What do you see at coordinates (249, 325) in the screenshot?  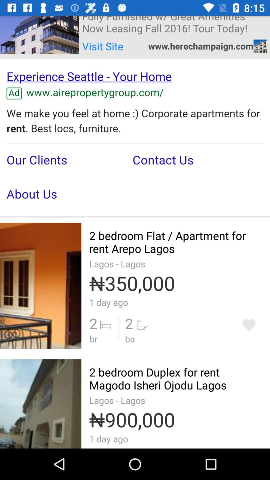 I see `real estate sale rent trovit` at bounding box center [249, 325].